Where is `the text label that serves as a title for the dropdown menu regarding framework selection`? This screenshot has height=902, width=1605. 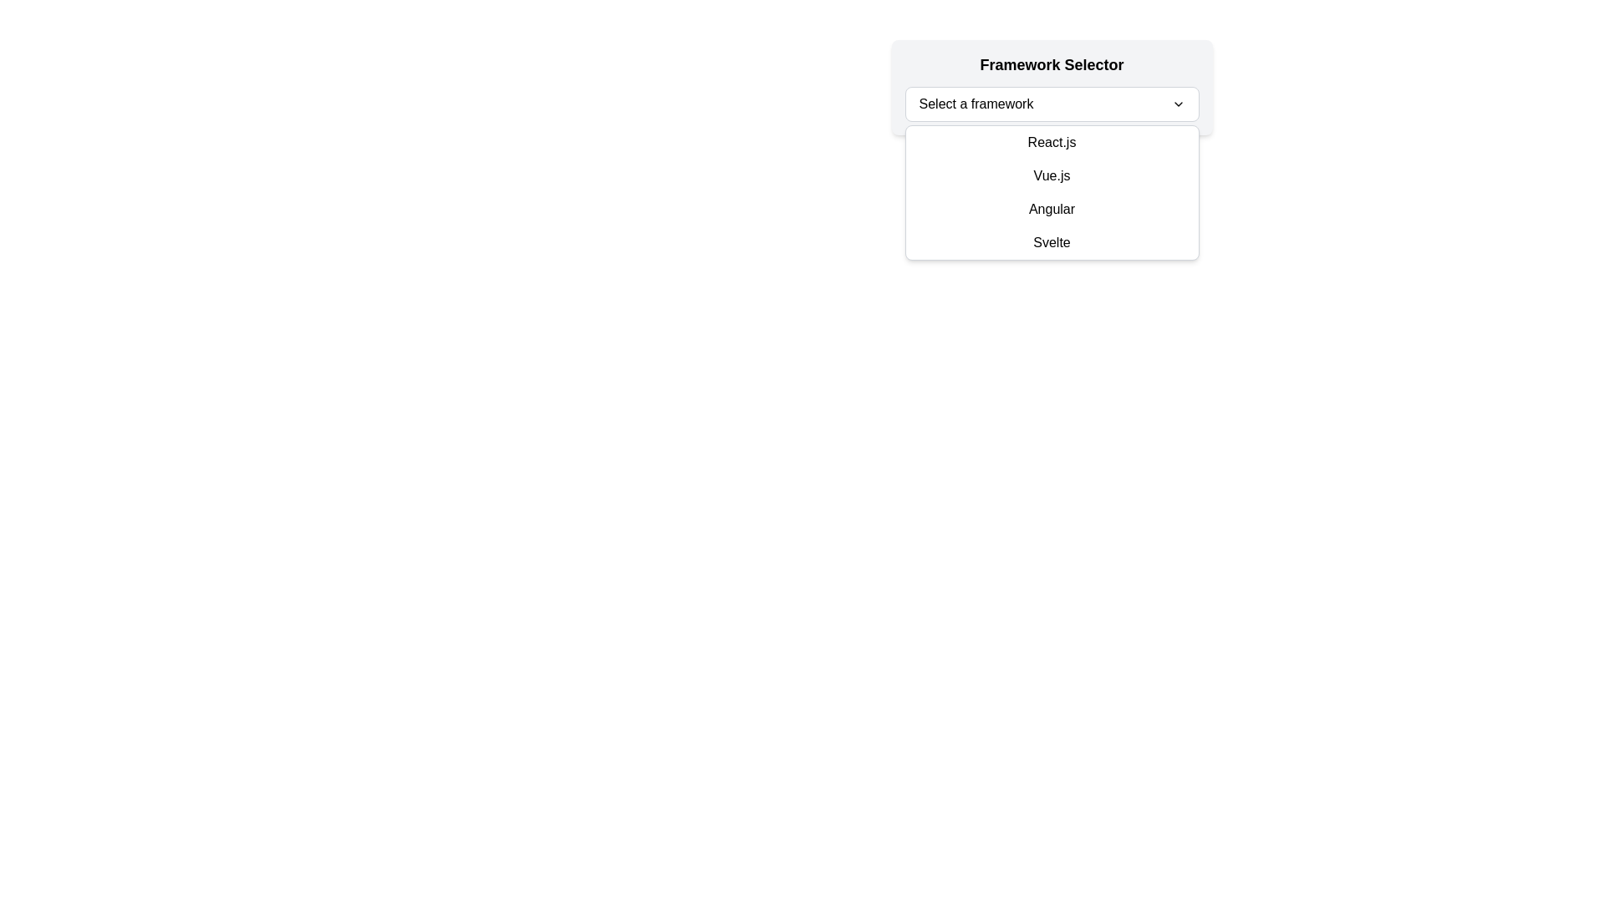
the text label that serves as a title for the dropdown menu regarding framework selection is located at coordinates (1051, 63).